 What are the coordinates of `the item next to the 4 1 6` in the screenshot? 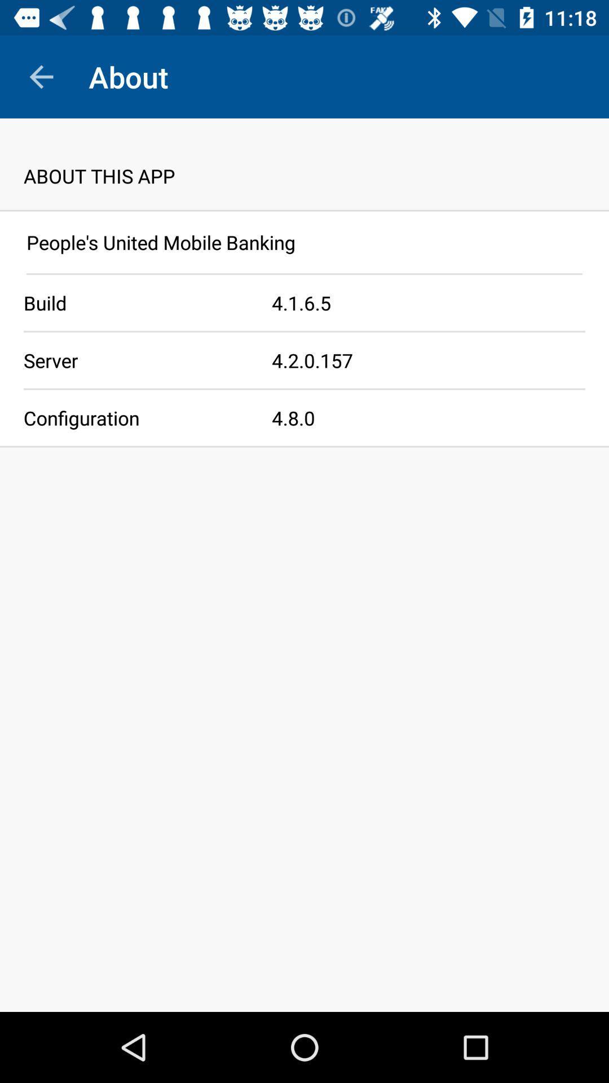 It's located at (135, 303).